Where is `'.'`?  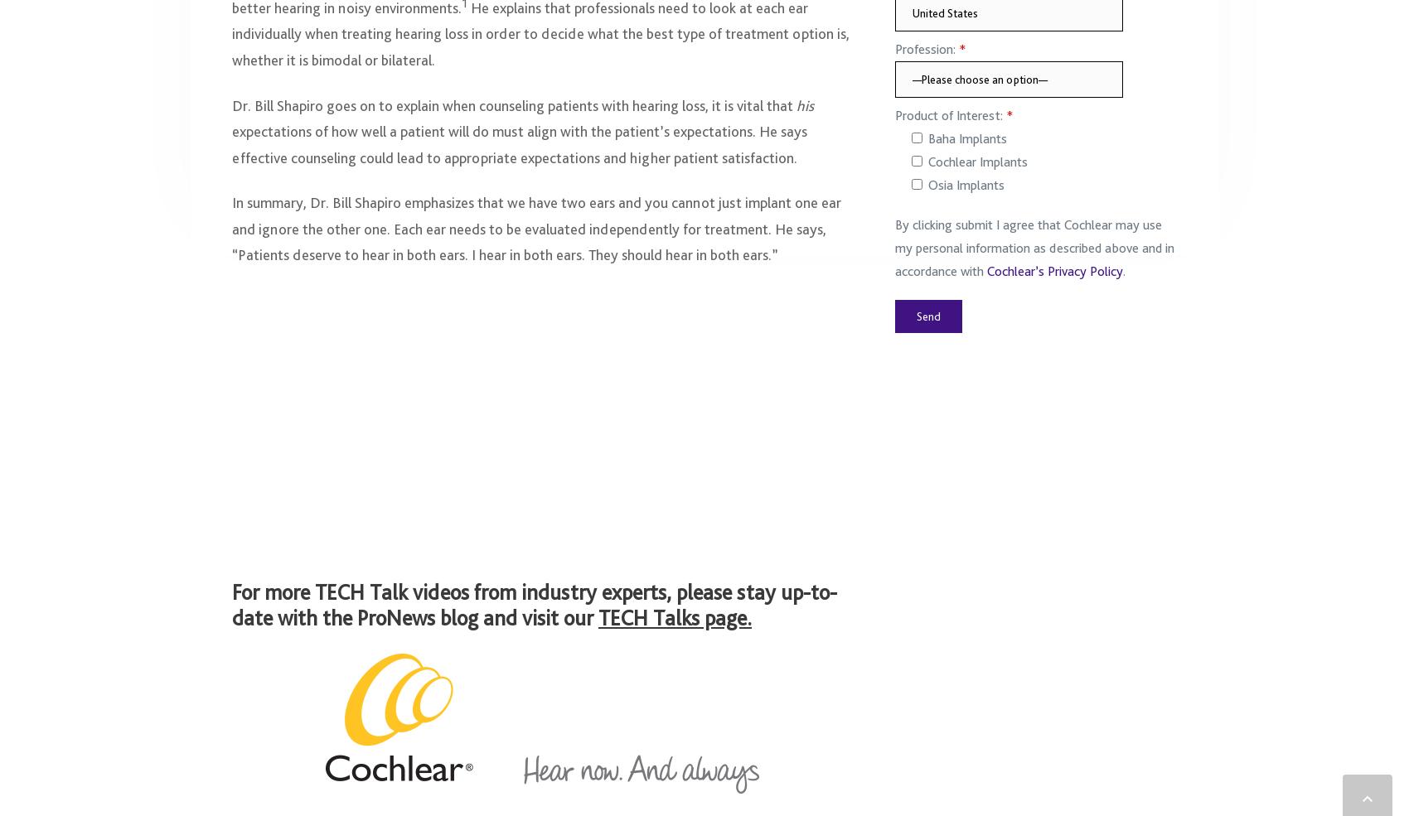 '.' is located at coordinates (1124, 279).